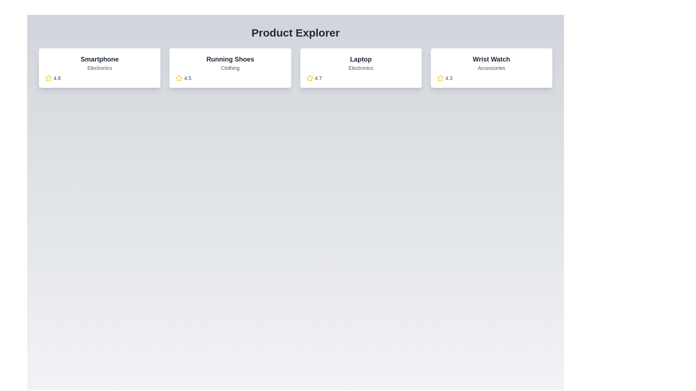 The height and width of the screenshot is (391, 696). What do you see at coordinates (491, 59) in the screenshot?
I see `bold text label displaying 'Wrist Watch' located at the top of the card component, which is the first element among its siblings` at bounding box center [491, 59].